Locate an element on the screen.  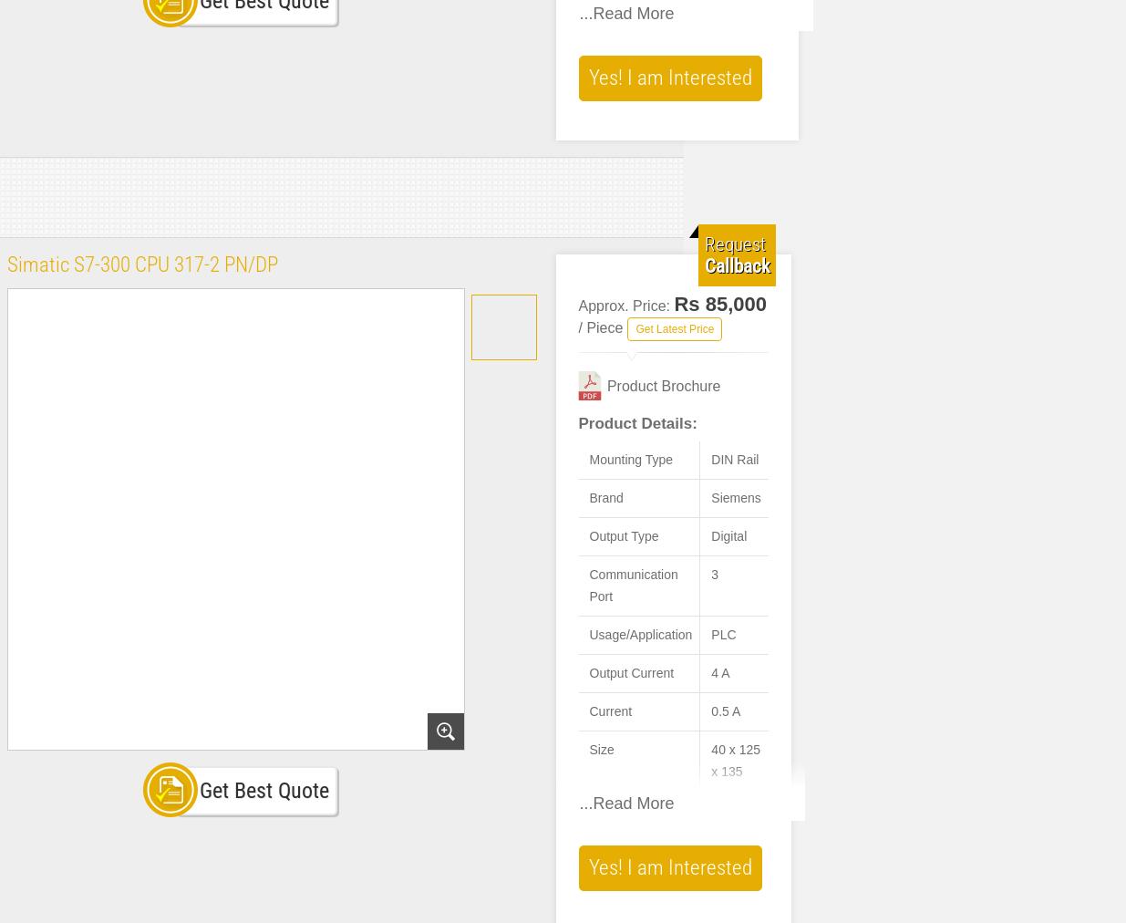
'3' is located at coordinates (714, 573).